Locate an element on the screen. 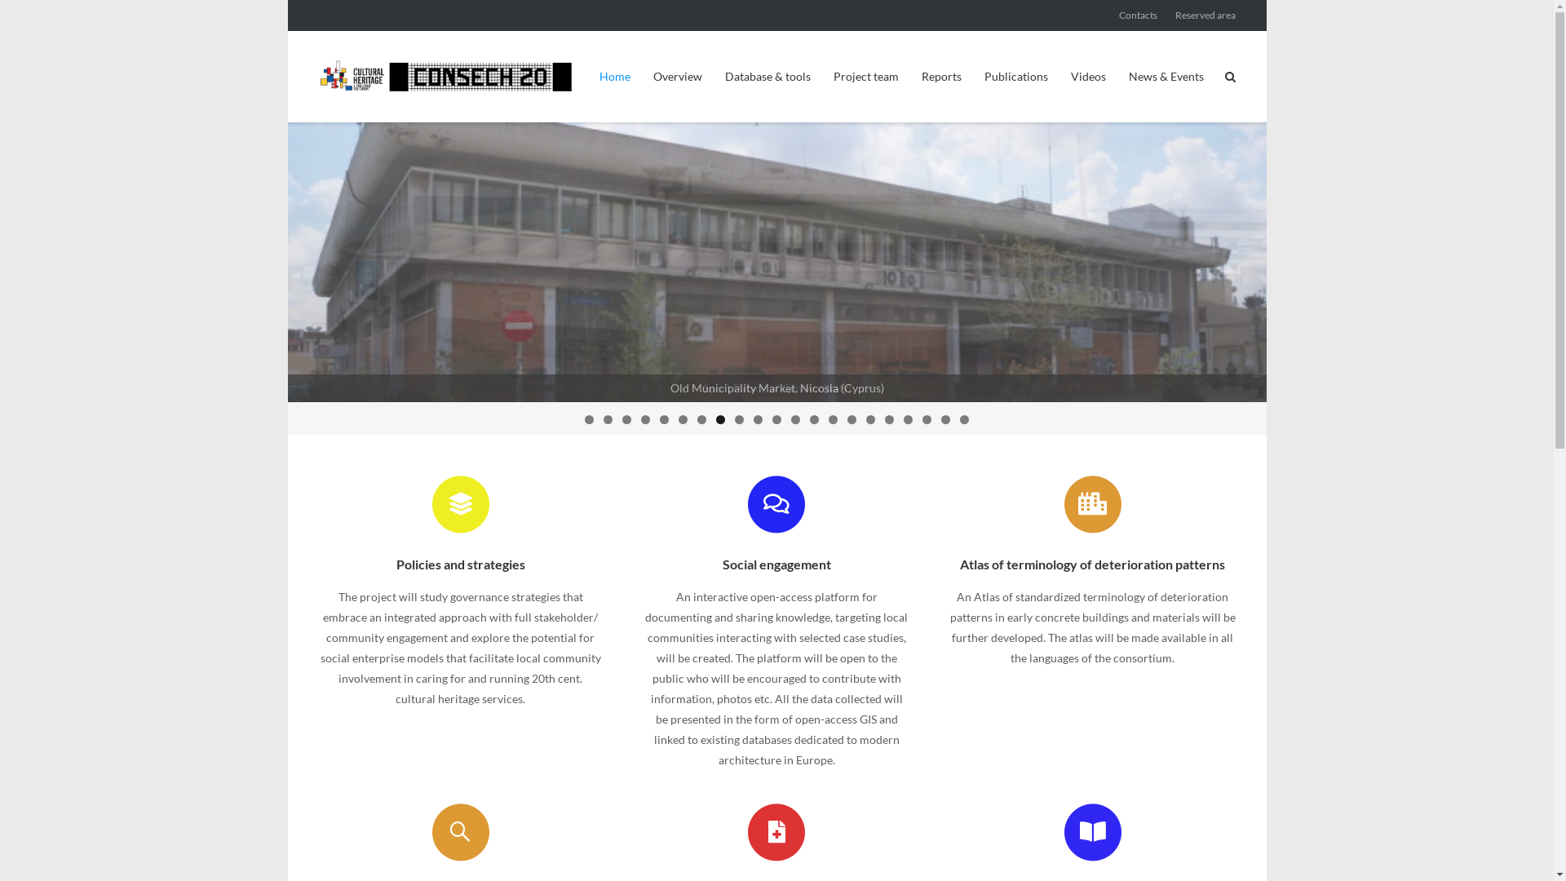 The width and height of the screenshot is (1566, 881). 'Videos' is located at coordinates (1088, 76).